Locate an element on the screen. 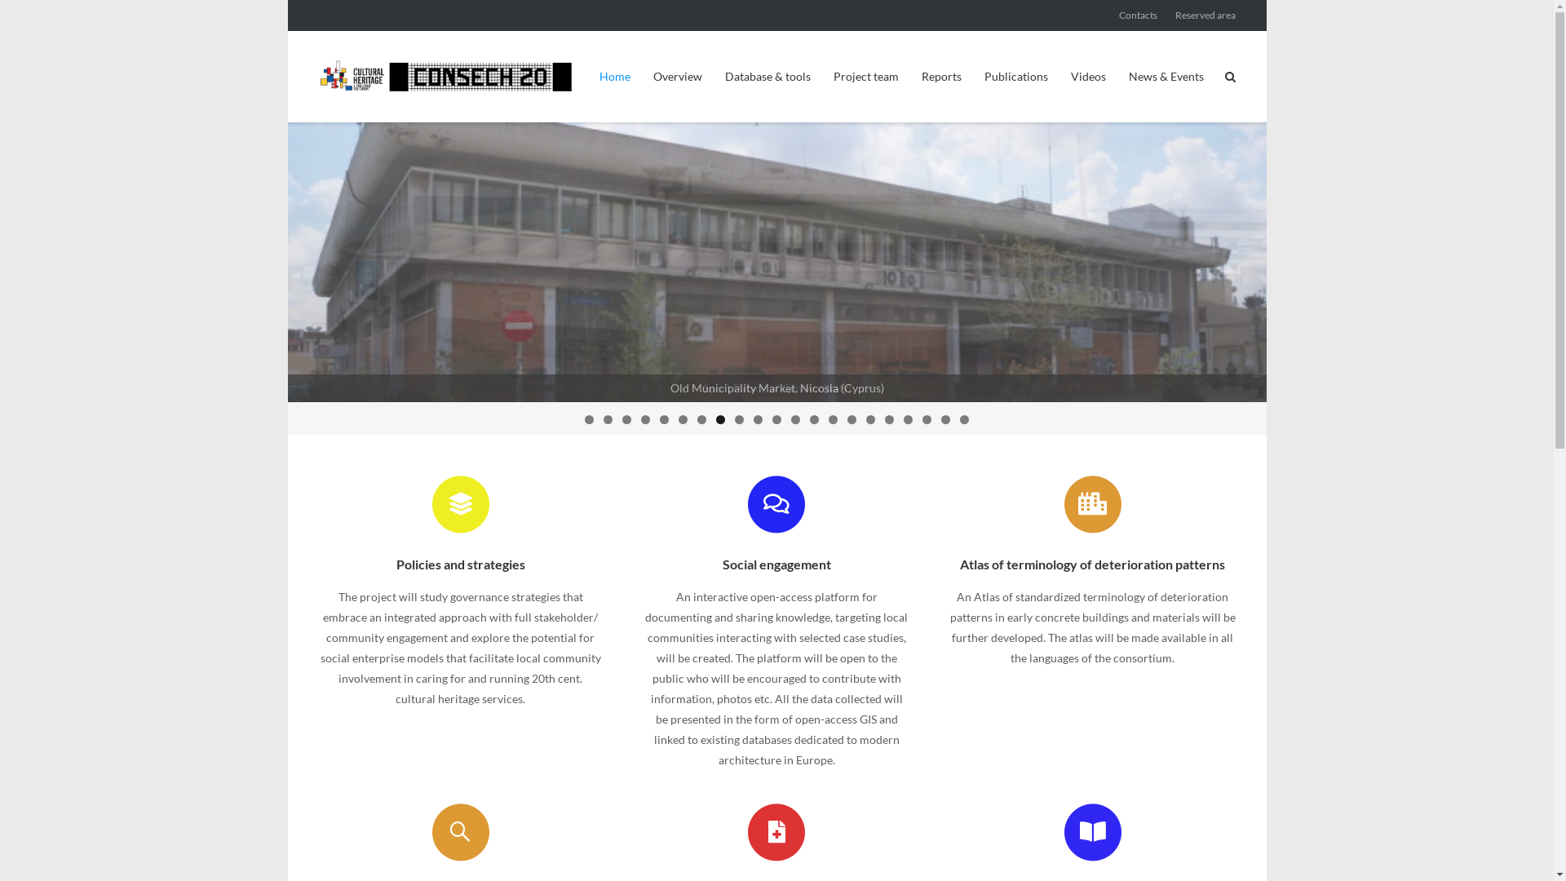 The width and height of the screenshot is (1566, 881). 'Videos' is located at coordinates (1088, 76).